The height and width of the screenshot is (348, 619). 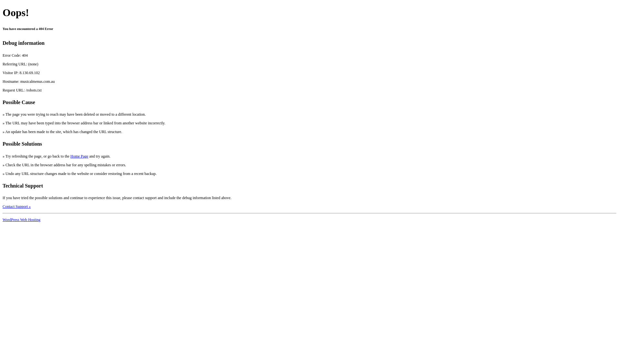 What do you see at coordinates (21, 219) in the screenshot?
I see `'WordPress Web Hosting'` at bounding box center [21, 219].